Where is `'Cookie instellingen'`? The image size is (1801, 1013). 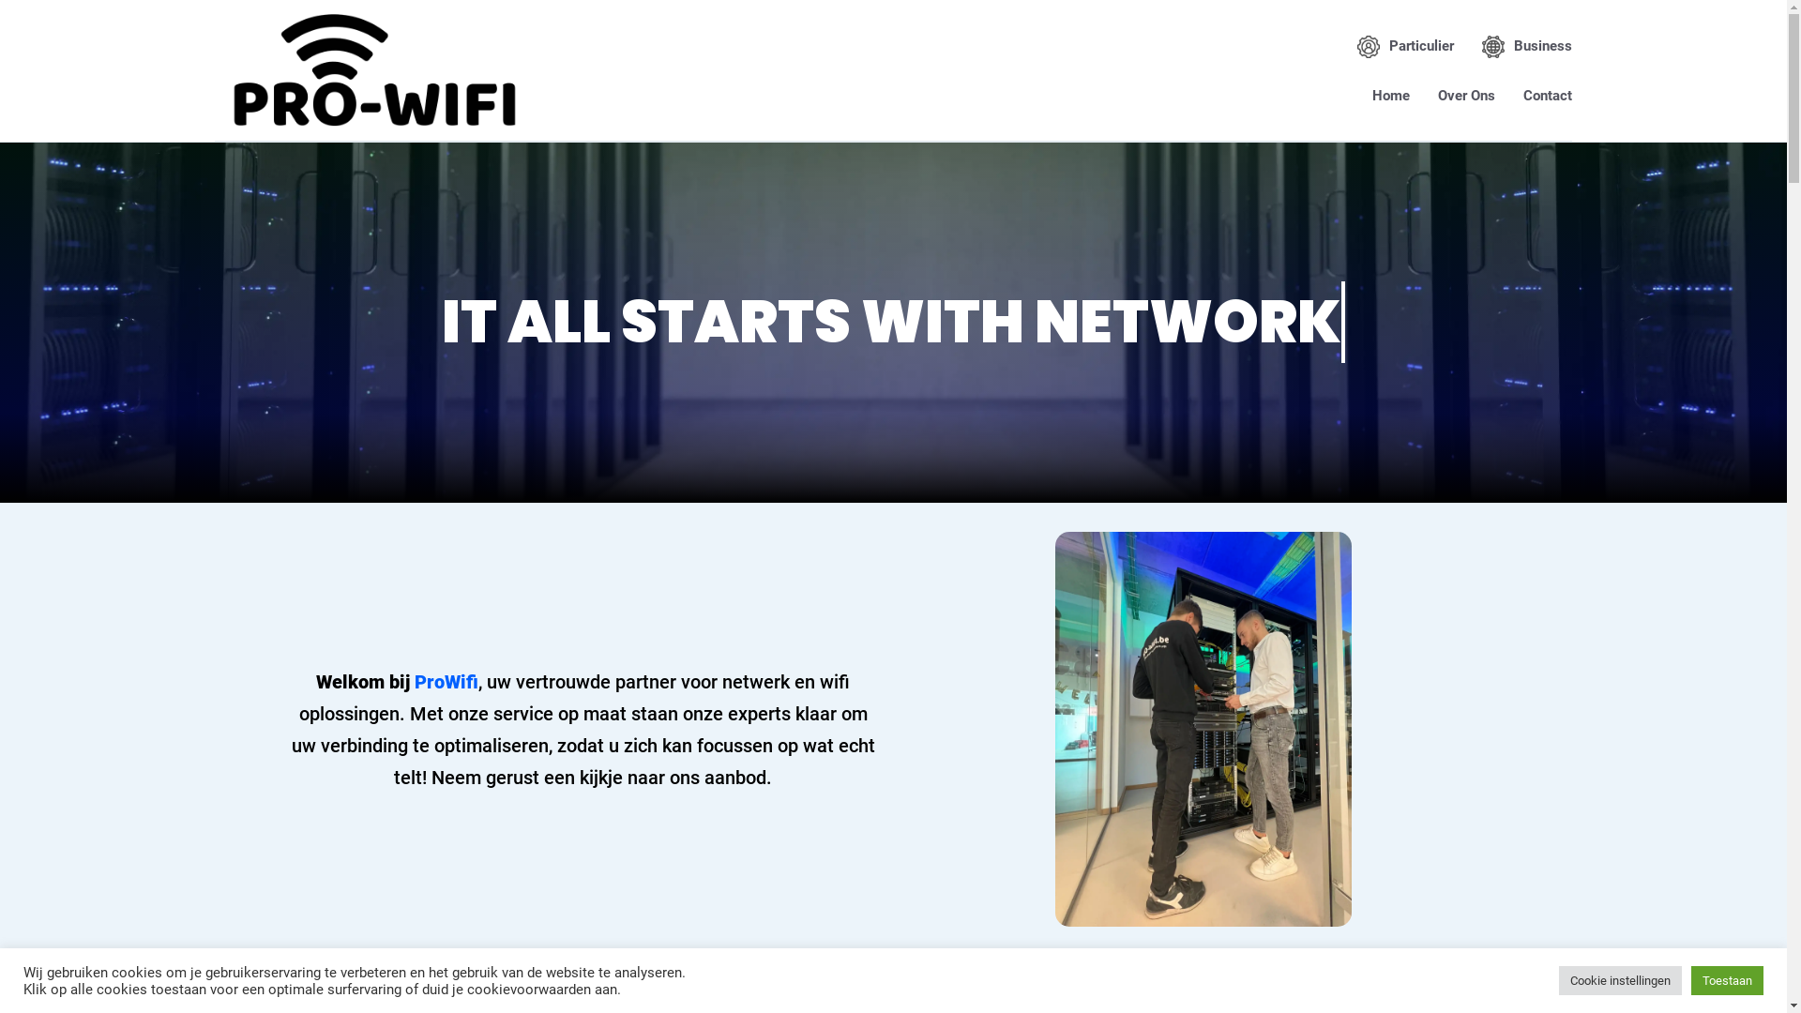
'Cookie instellingen' is located at coordinates (1619, 979).